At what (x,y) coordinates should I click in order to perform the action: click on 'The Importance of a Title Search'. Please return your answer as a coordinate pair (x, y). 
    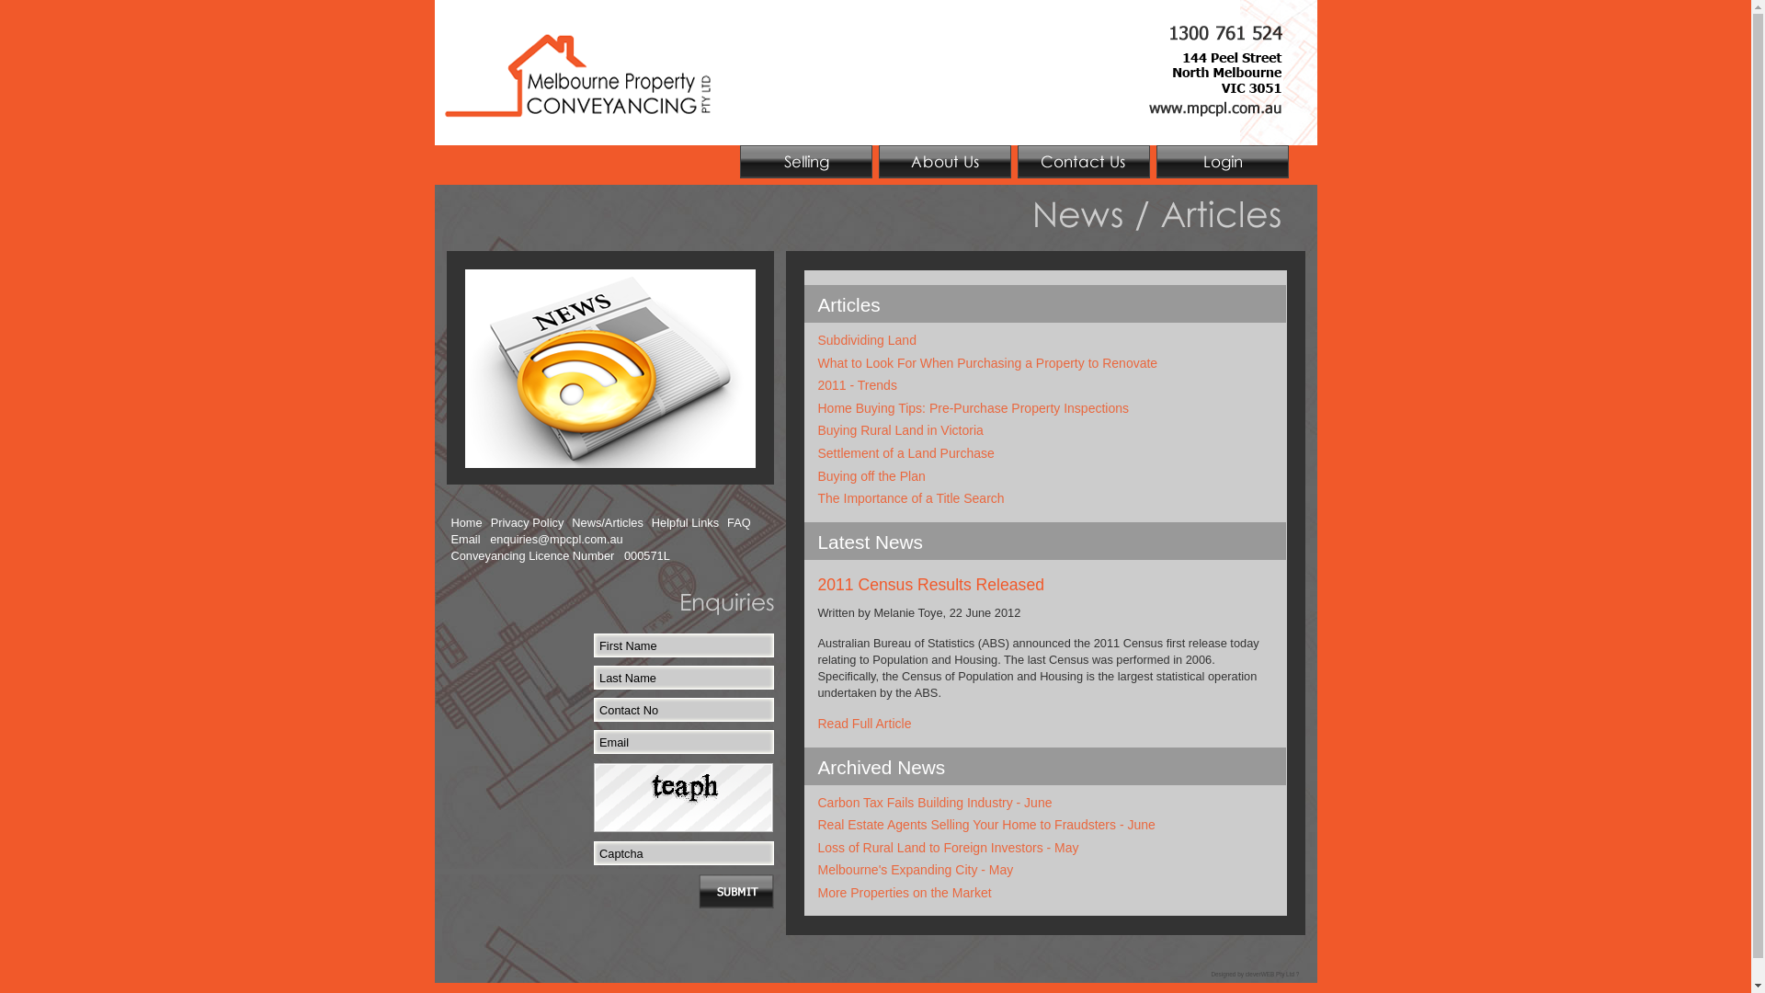
    Looking at the image, I should click on (911, 498).